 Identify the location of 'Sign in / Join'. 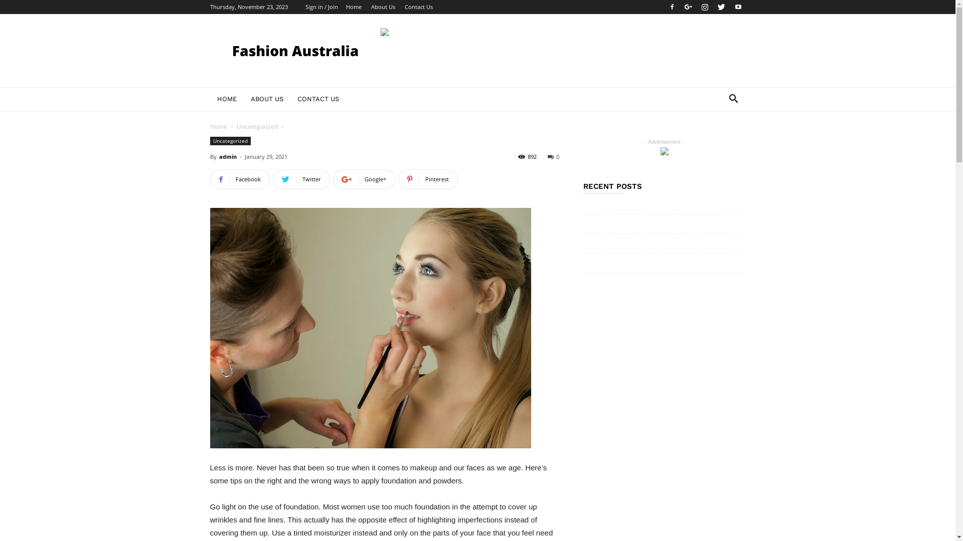
(321, 7).